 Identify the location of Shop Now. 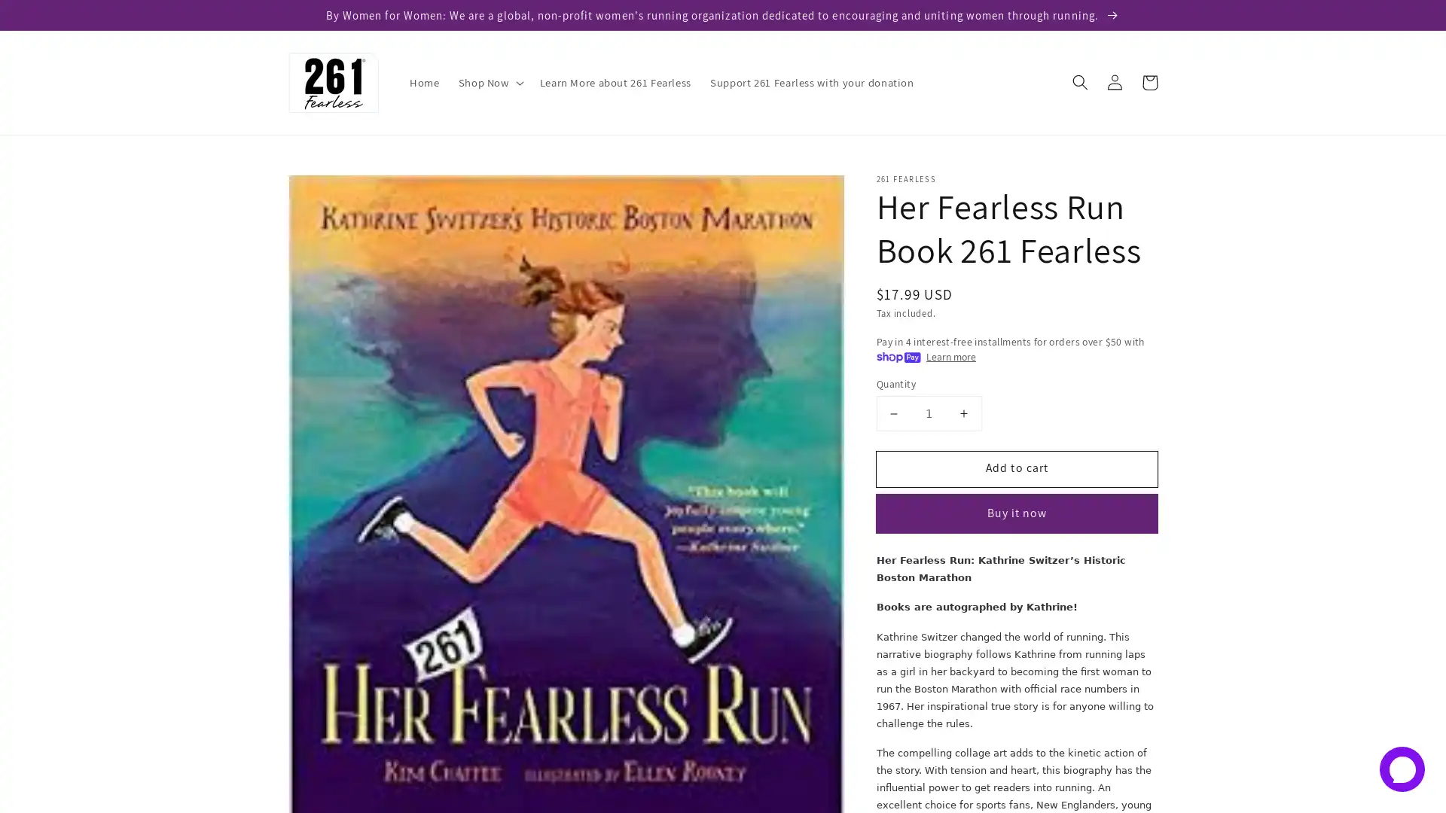
(489, 82).